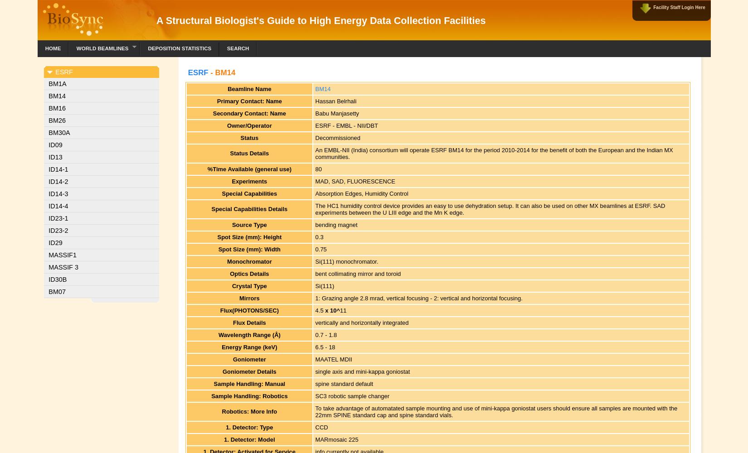 This screenshot has width=748, height=453. I want to click on '6.5 - 18', so click(324, 347).